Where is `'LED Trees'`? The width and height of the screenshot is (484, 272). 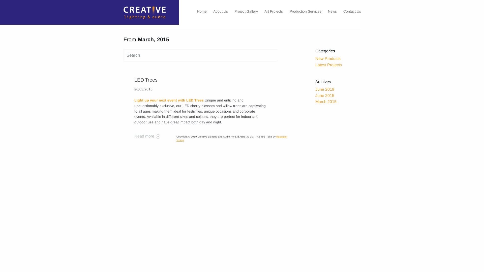 'LED Trees' is located at coordinates (145, 79).